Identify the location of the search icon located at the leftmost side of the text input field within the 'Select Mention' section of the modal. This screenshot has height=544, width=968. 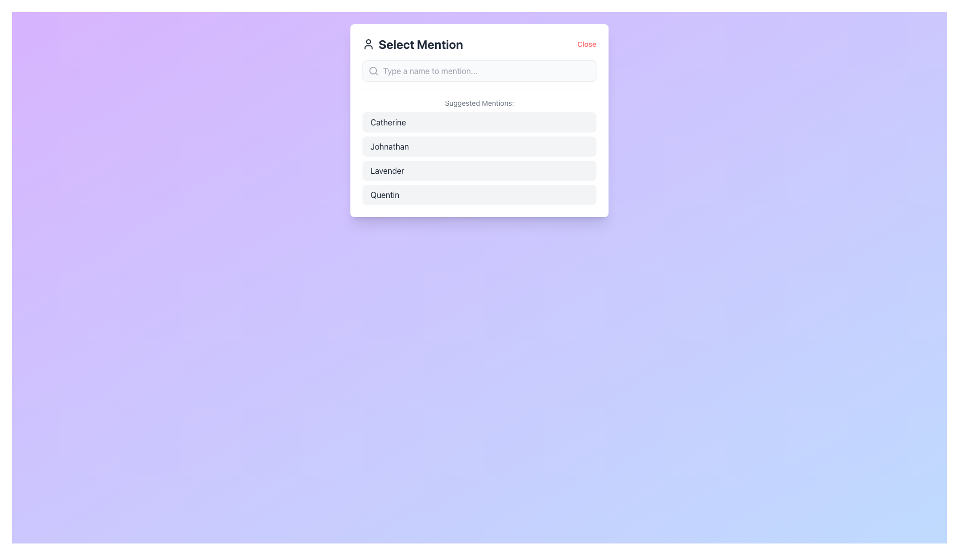
(373, 71).